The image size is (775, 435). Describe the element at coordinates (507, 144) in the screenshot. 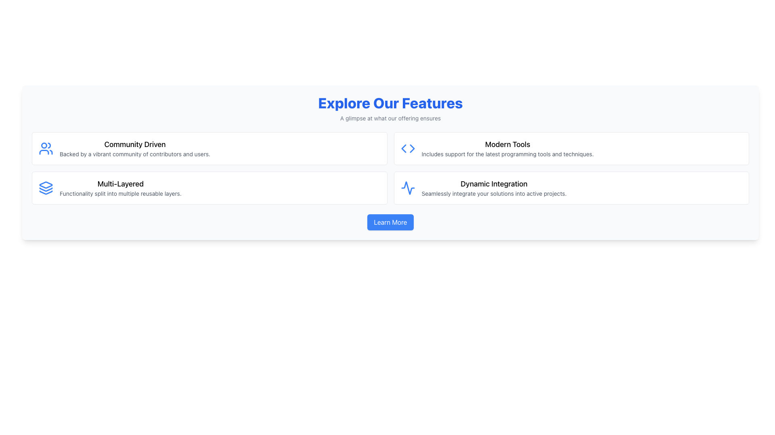

I see `the text label reading 'Modern Tools', which is styled with a larger font size and bold weight, positioned in a white rectangular area in the upper right quadrant of the interface` at that location.